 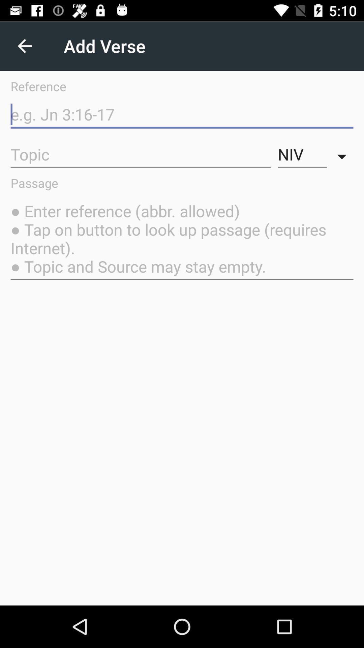 What do you see at coordinates (343, 154) in the screenshot?
I see `item to the right of niv` at bounding box center [343, 154].